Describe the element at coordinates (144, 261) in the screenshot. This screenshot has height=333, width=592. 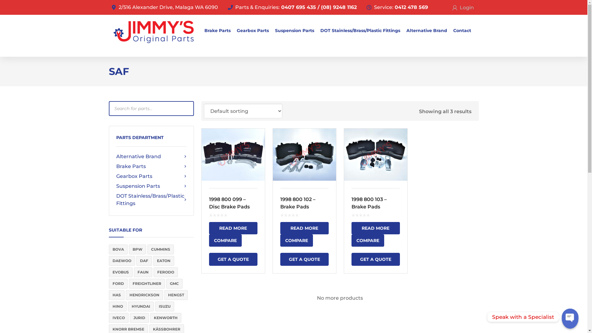
I see `'DAF'` at that location.